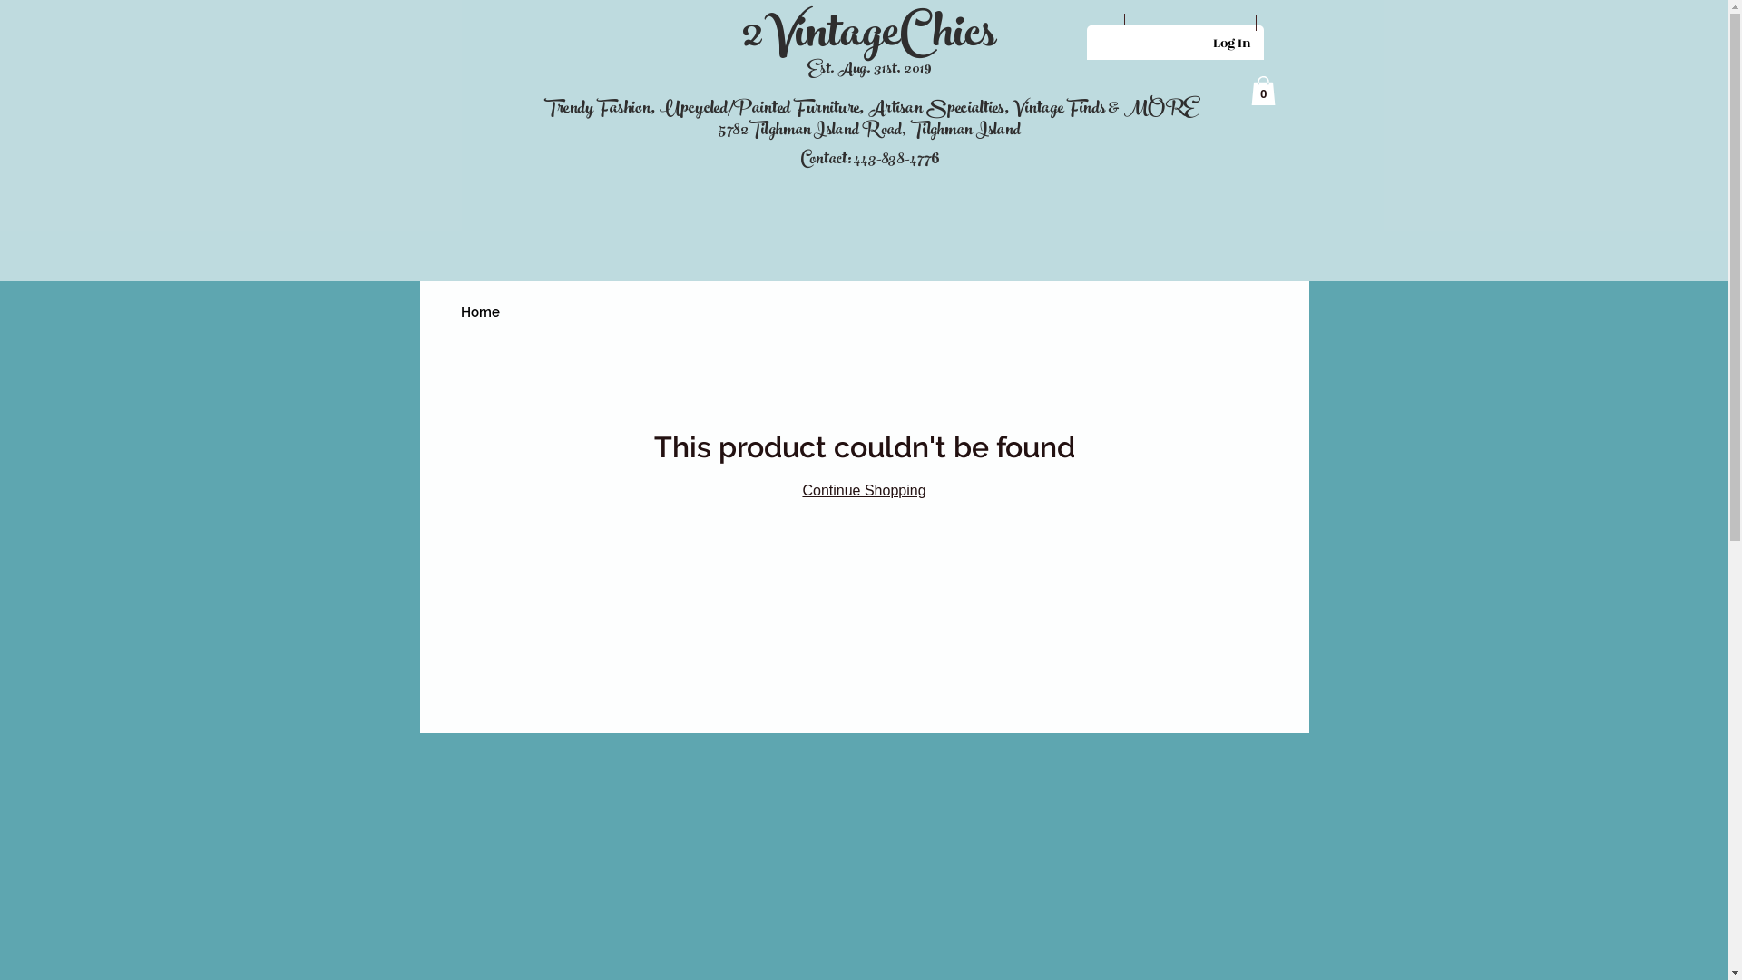 The image size is (1742, 980). Describe the element at coordinates (862, 490) in the screenshot. I see `'Continue Shopping'` at that location.